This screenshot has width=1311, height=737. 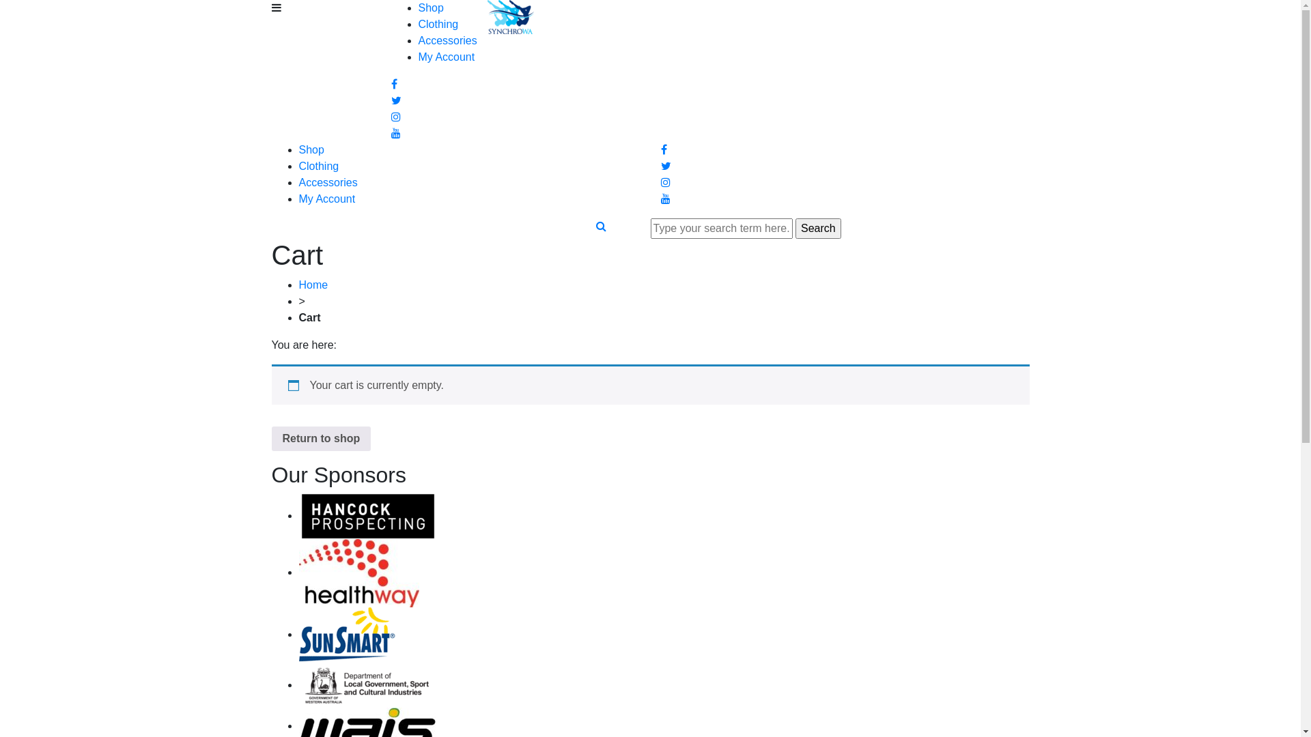 What do you see at coordinates (446, 56) in the screenshot?
I see `'My Account'` at bounding box center [446, 56].